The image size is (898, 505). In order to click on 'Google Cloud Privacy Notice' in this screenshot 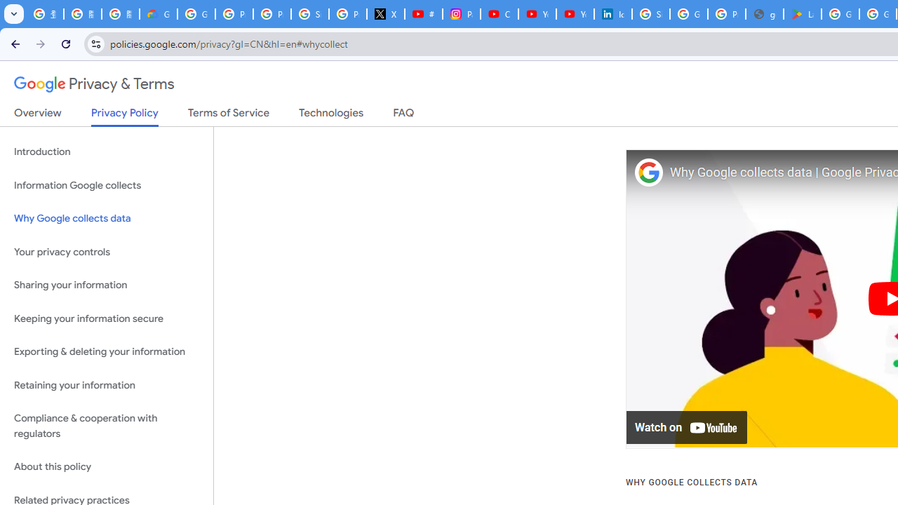, I will do `click(158, 14)`.